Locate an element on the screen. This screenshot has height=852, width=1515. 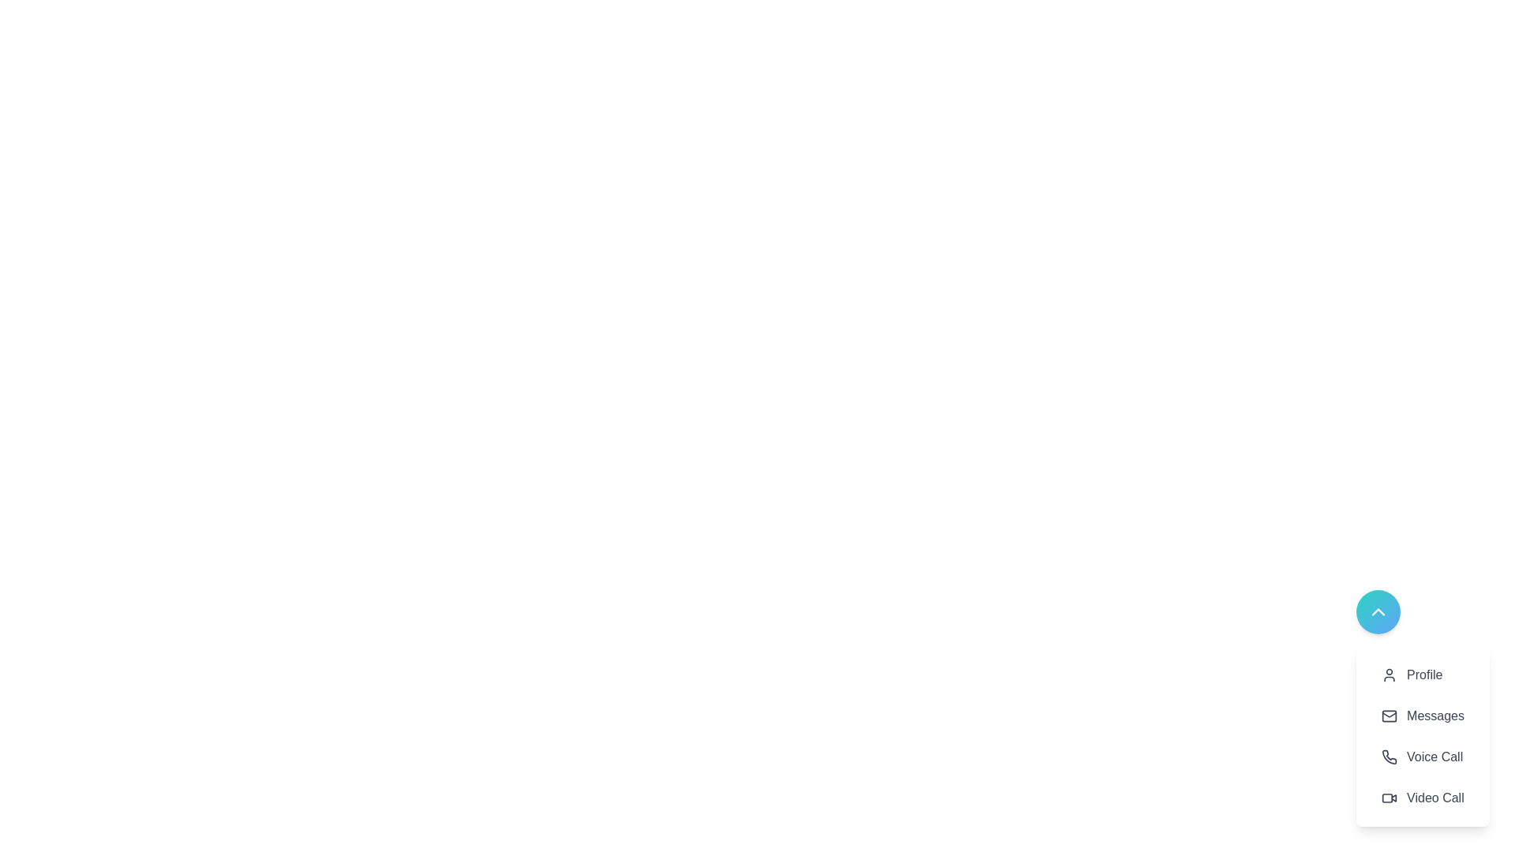
the 'Video Call' option in the action list is located at coordinates (1423, 798).